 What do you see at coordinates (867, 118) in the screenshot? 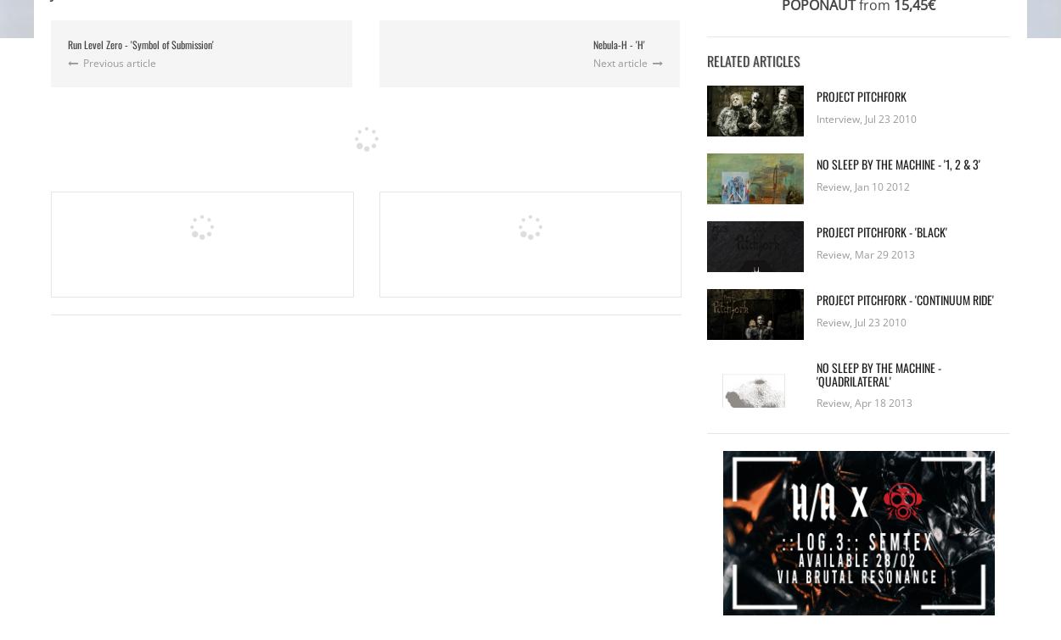
I see `'Interview, Jul 23 2010'` at bounding box center [867, 118].